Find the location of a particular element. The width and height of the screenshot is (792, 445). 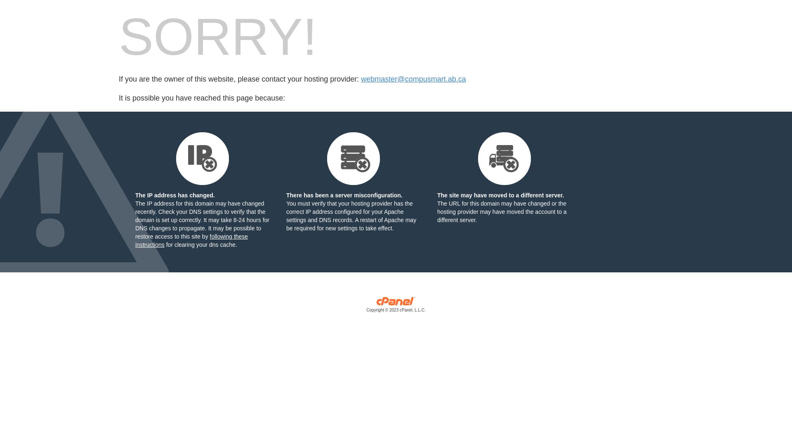

'webmaster@compusmart.ab.ca' is located at coordinates (361, 79).